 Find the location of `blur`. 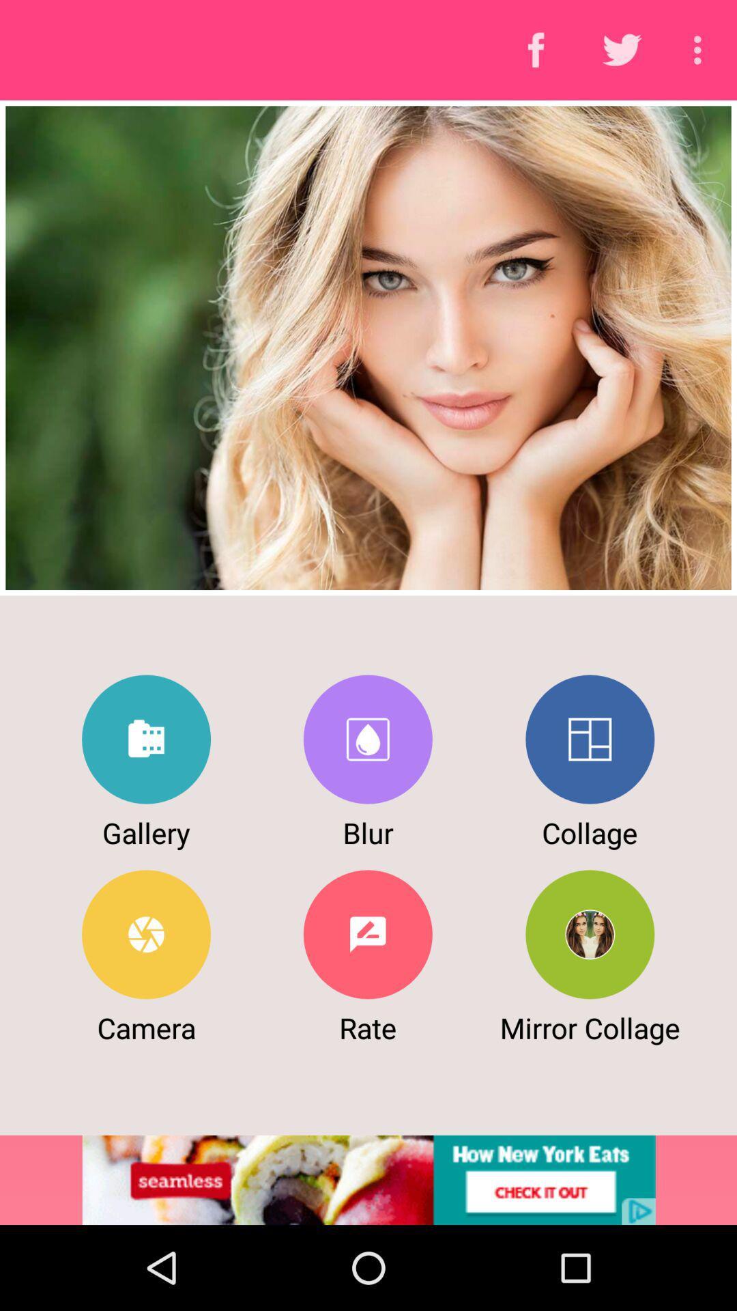

blur is located at coordinates (367, 739).